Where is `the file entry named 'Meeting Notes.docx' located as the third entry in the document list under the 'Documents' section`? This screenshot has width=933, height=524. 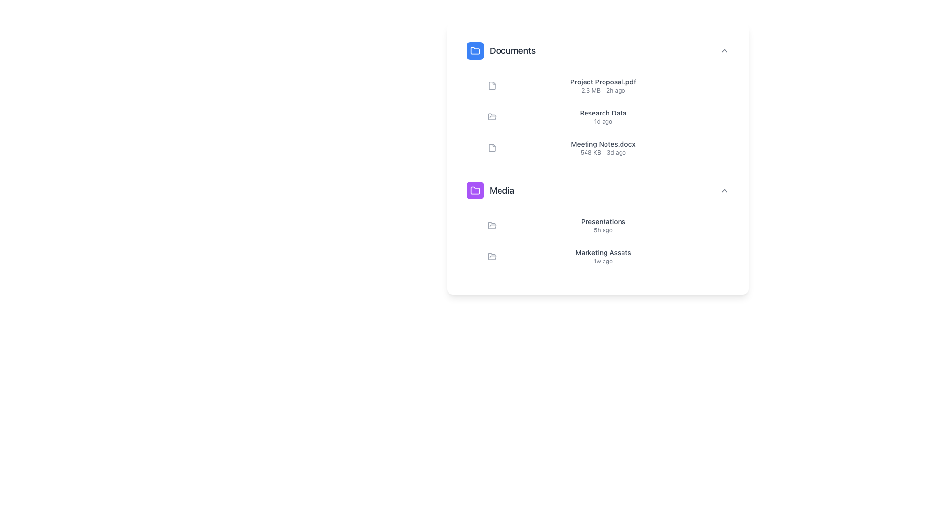
the file entry named 'Meeting Notes.docx' located as the third entry in the document list under the 'Documents' section is located at coordinates (609, 147).